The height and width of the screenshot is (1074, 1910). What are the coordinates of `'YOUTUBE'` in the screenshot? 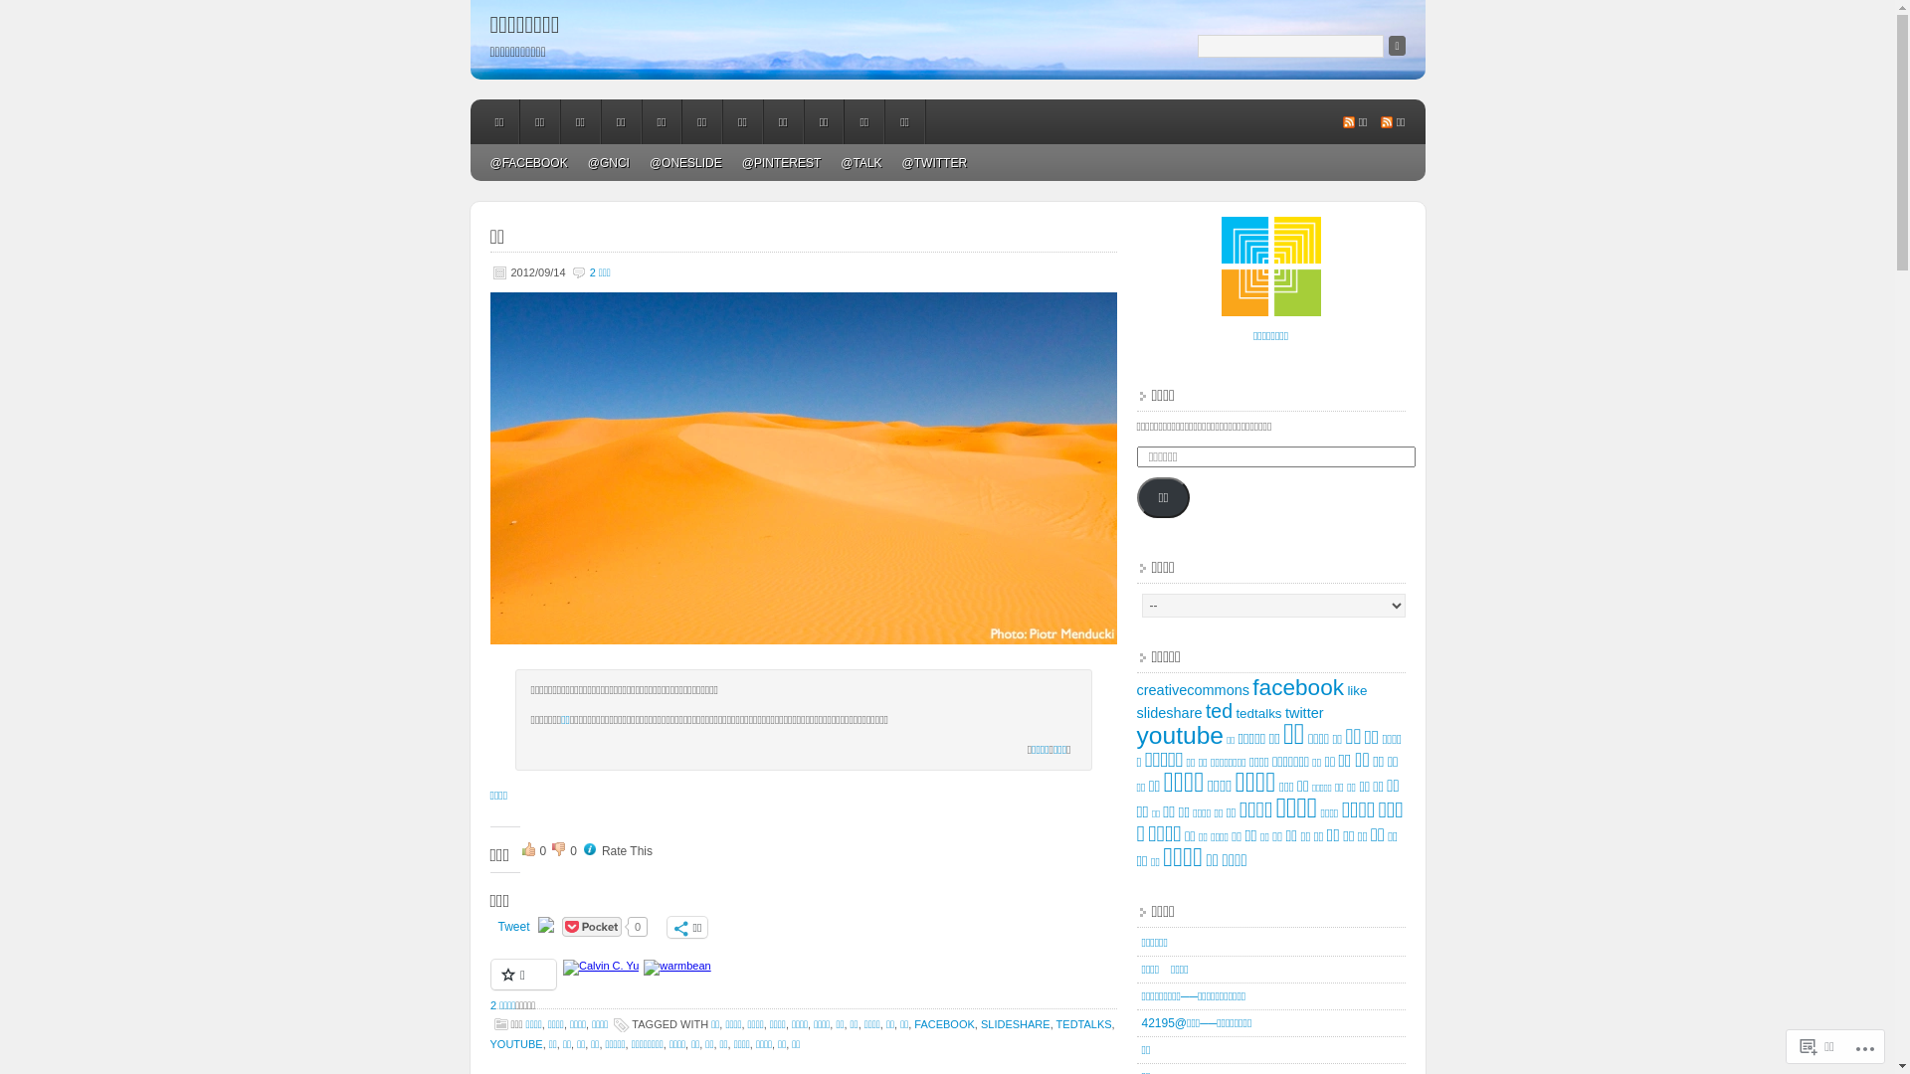 It's located at (515, 1042).